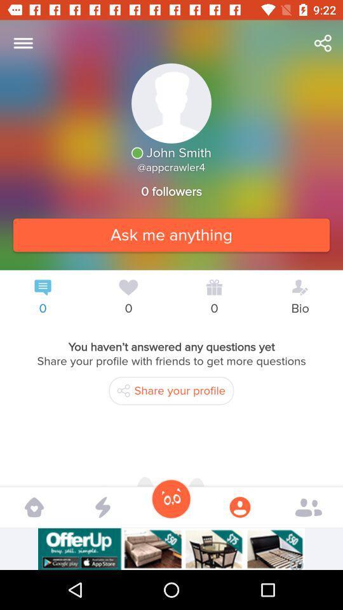 This screenshot has height=610, width=343. Describe the element at coordinates (171, 390) in the screenshot. I see `the share your profile button` at that location.